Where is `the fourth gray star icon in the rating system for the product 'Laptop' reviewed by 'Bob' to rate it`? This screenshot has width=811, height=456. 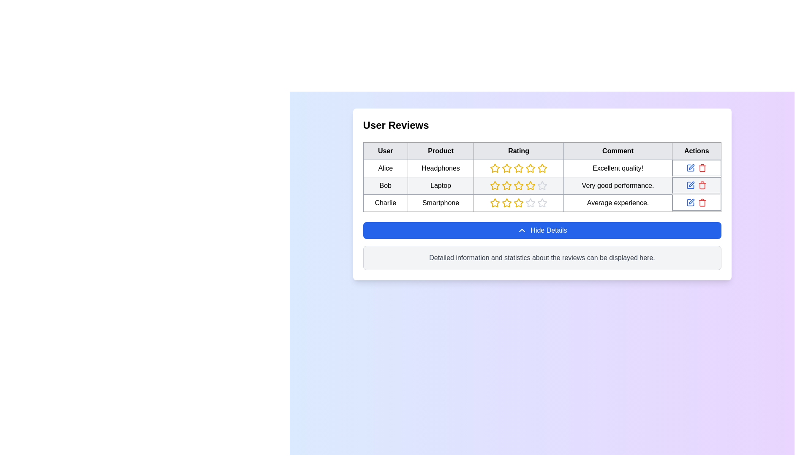 the fourth gray star icon in the rating system for the product 'Laptop' reviewed by 'Bob' to rate it is located at coordinates (542, 185).